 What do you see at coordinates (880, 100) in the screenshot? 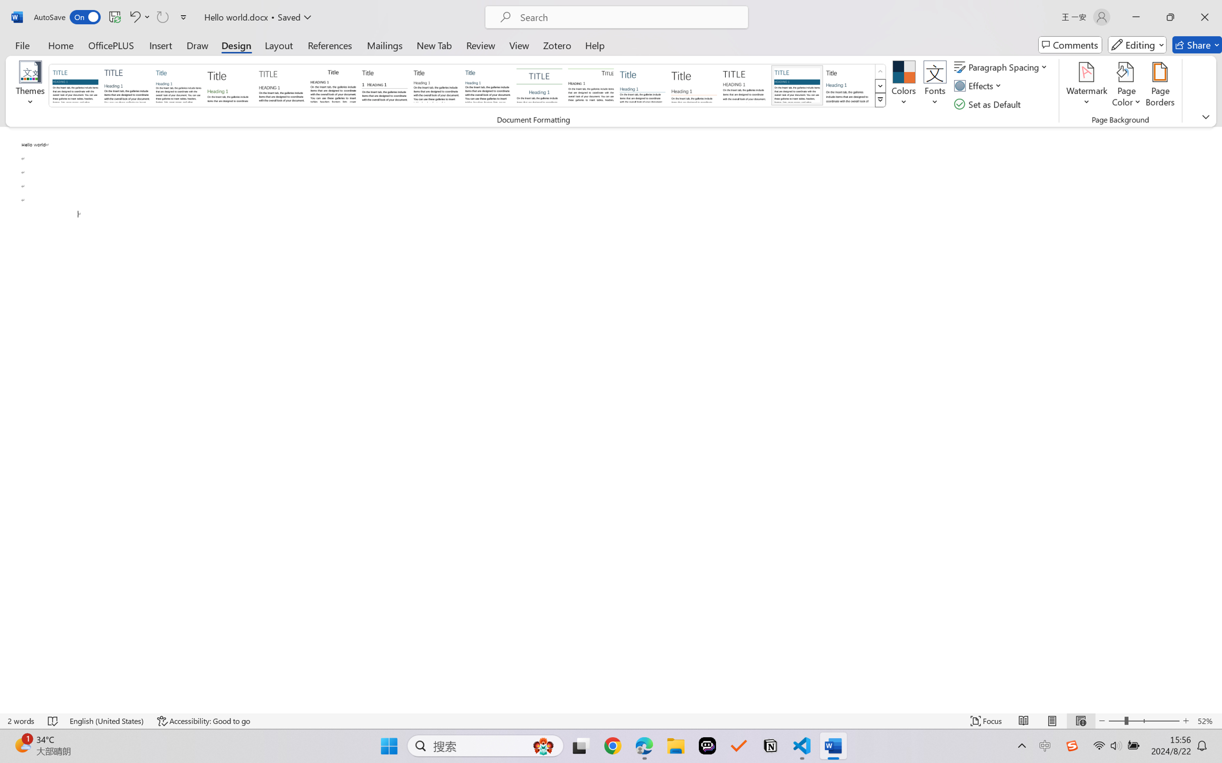
I see `'Style Set'` at bounding box center [880, 100].